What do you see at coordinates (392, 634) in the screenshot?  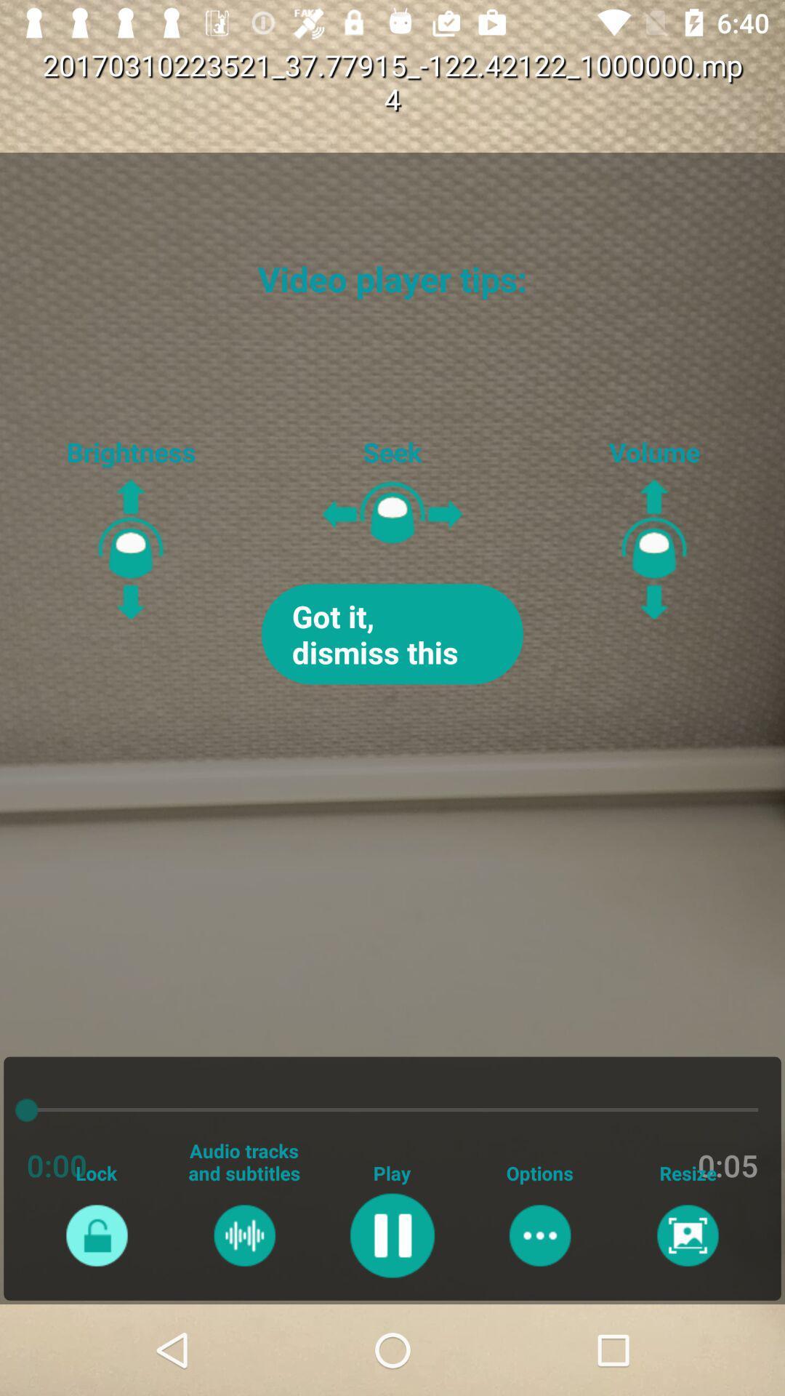 I see `item to the left of volume icon` at bounding box center [392, 634].